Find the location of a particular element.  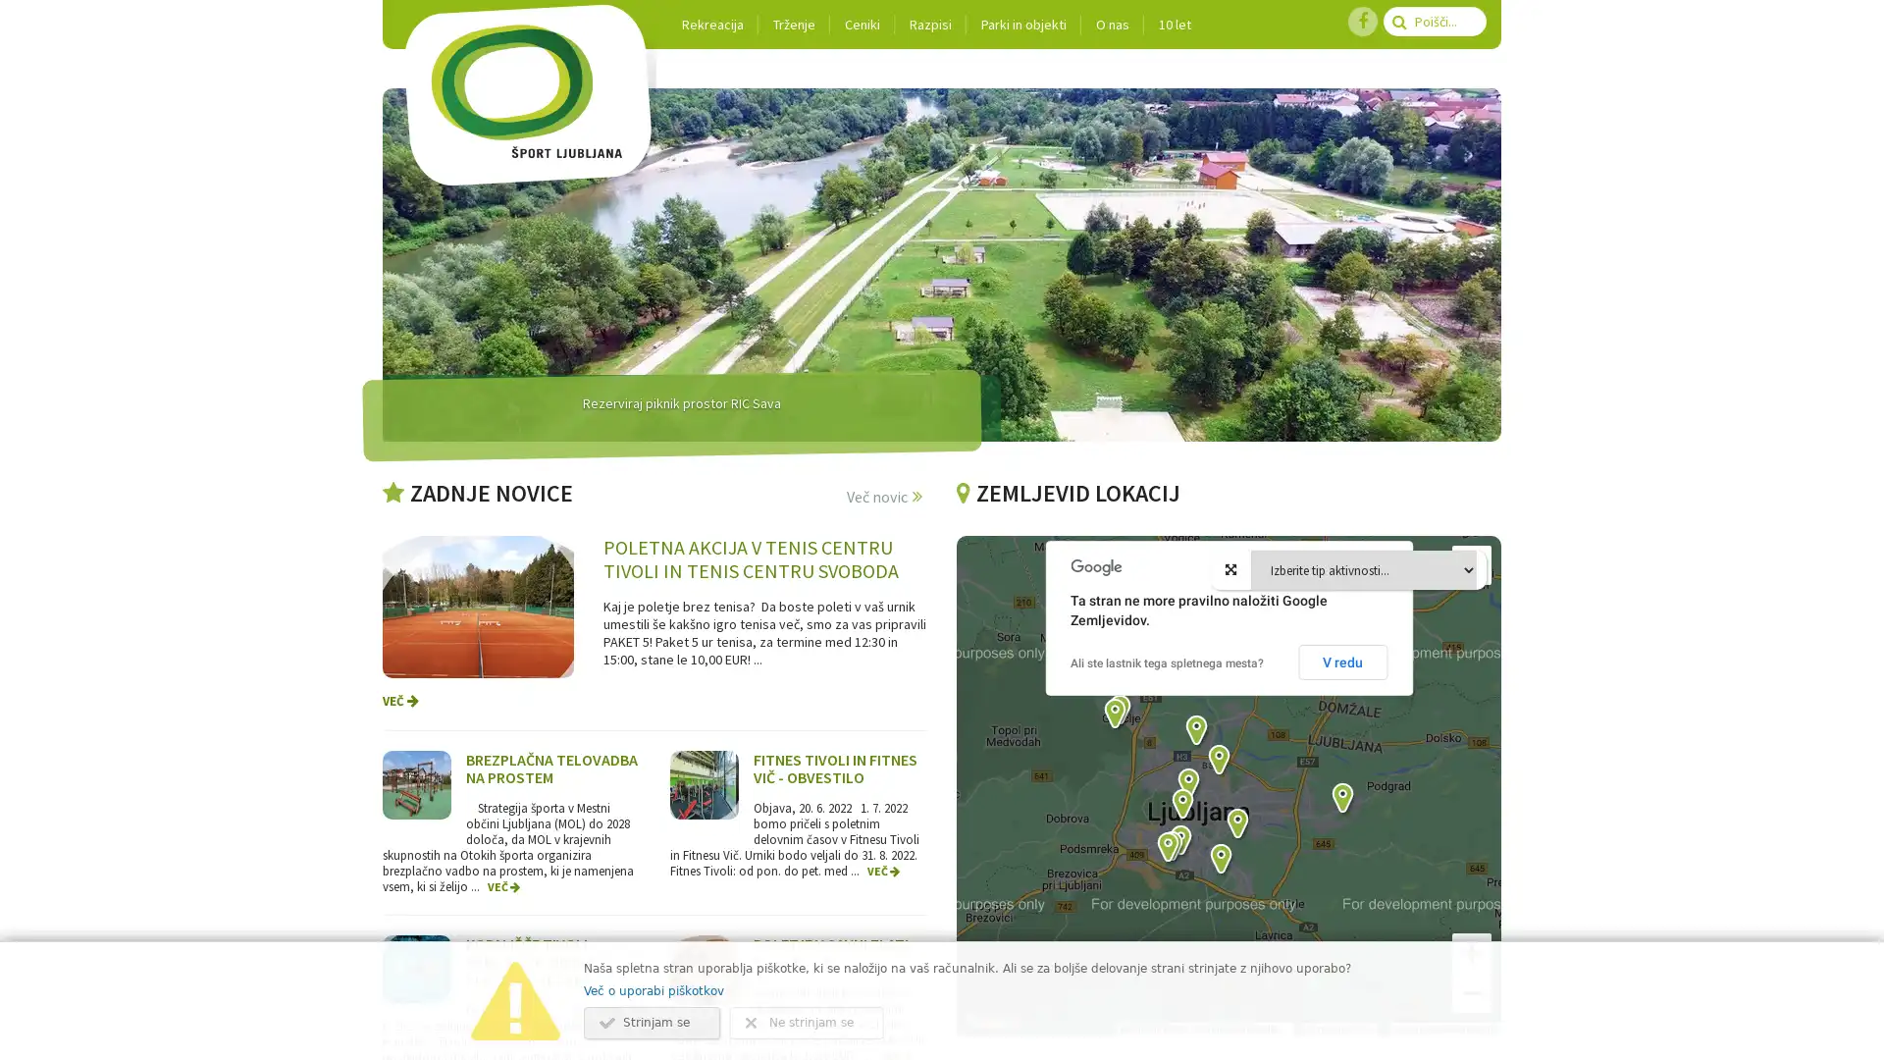

Kako do nas? is located at coordinates (1196, 810).